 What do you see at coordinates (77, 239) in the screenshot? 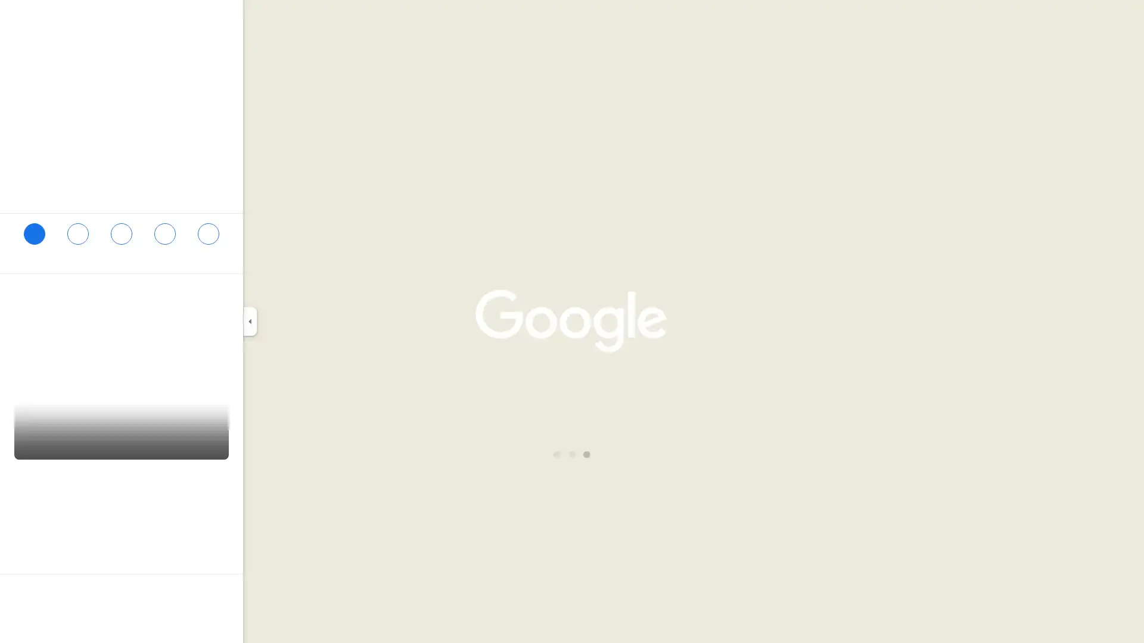
I see `Save Grunberger Str. 65 in your lists` at bounding box center [77, 239].